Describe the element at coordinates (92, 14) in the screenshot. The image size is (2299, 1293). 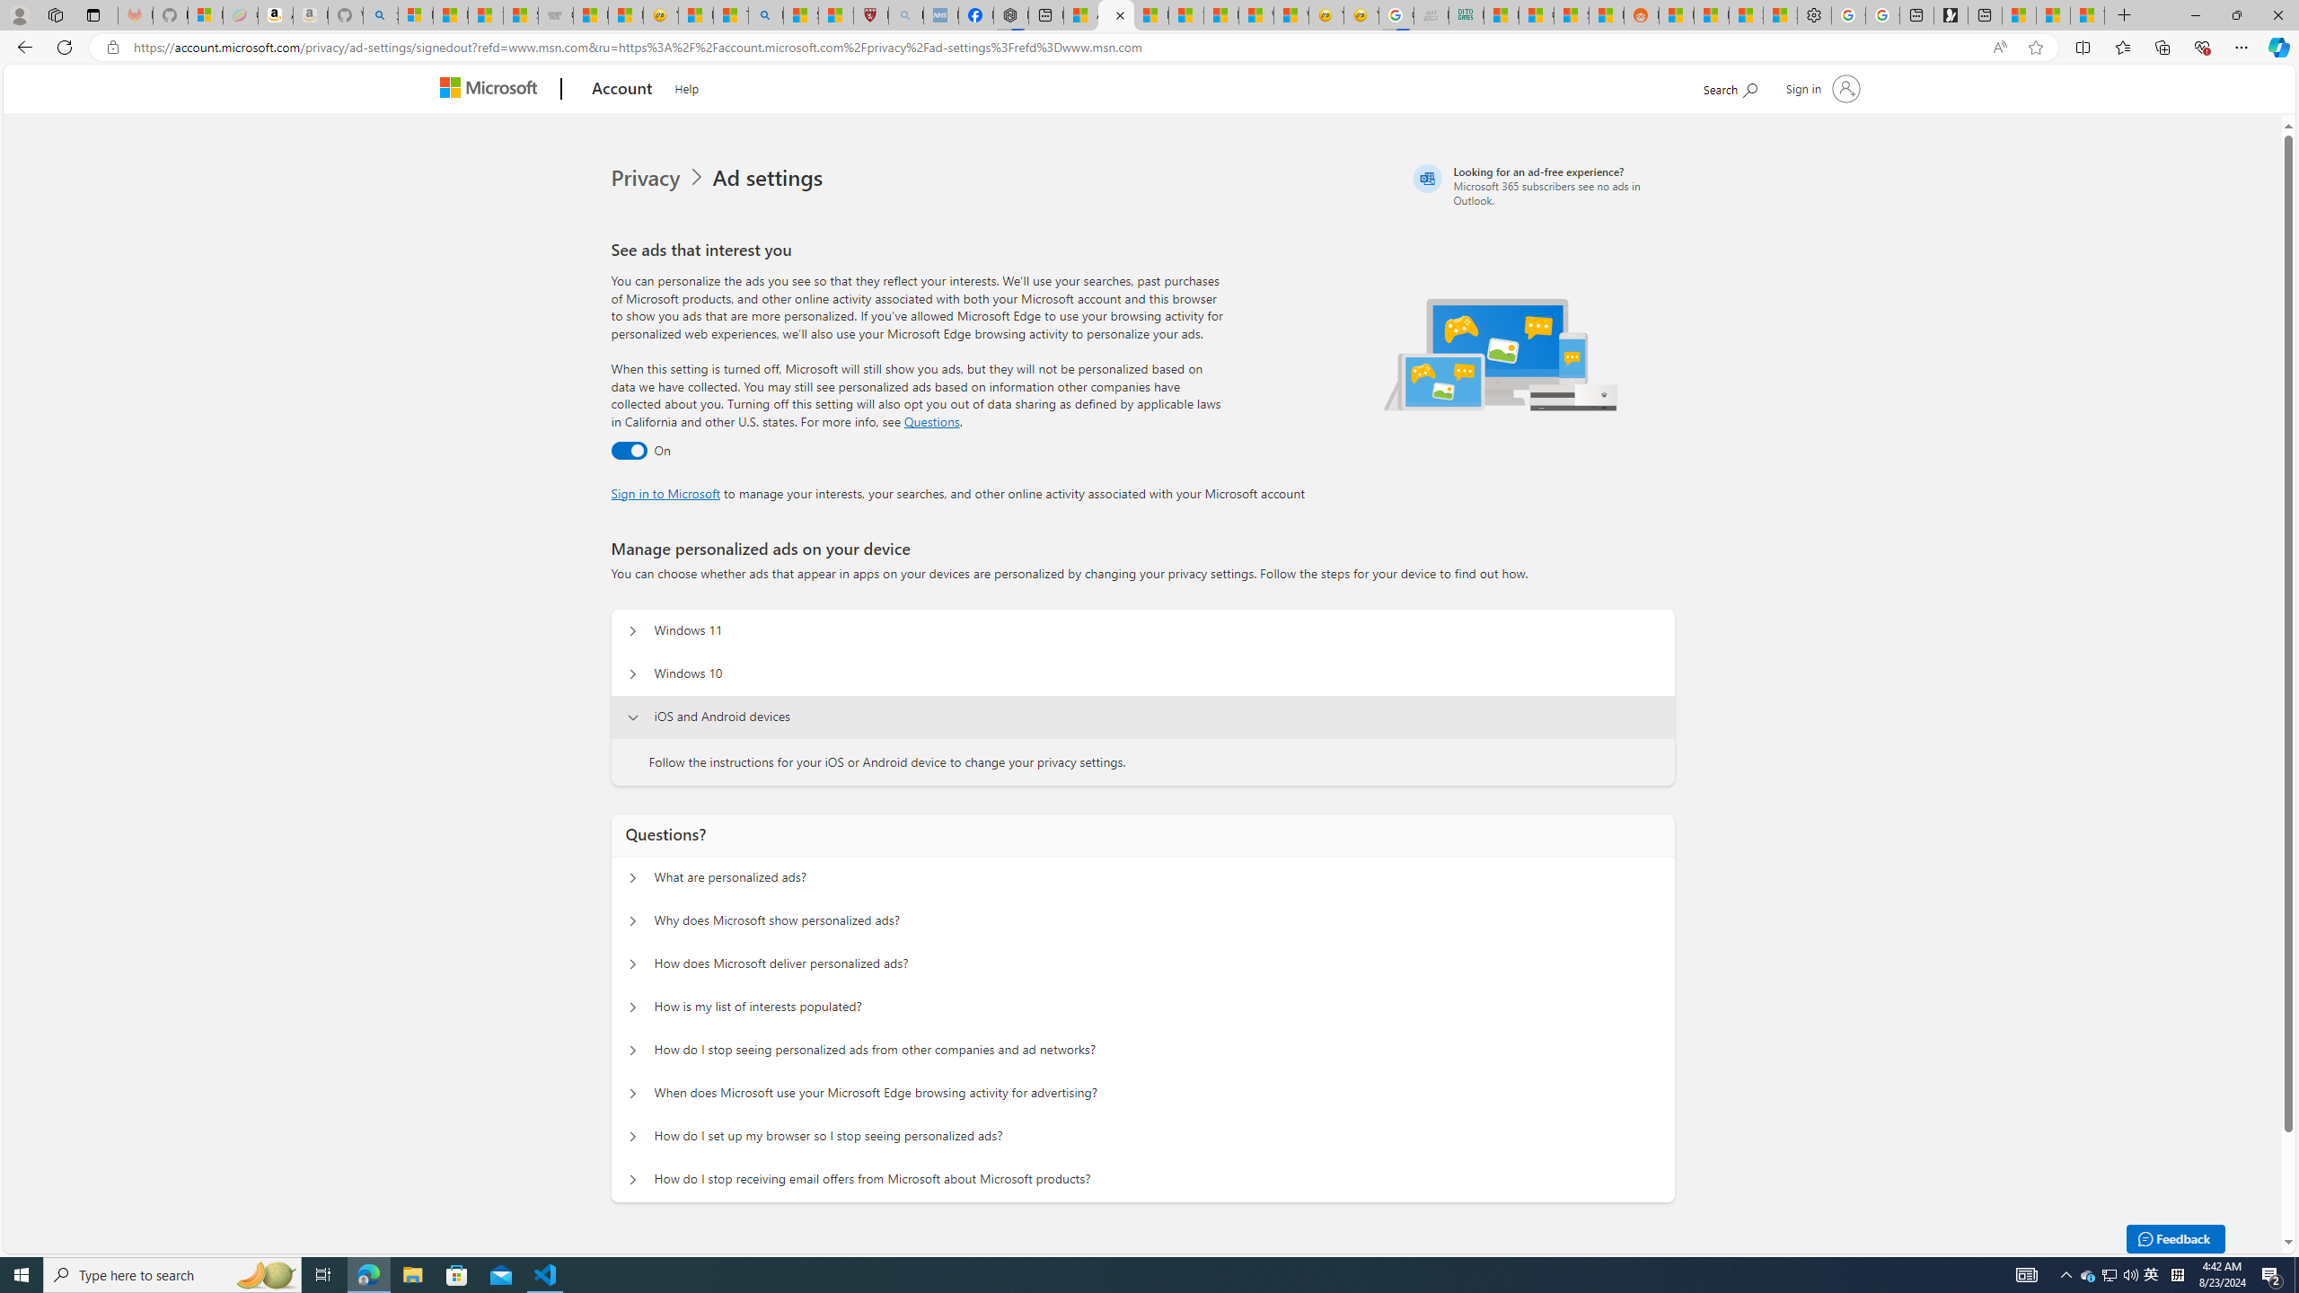
I see `'Tab actions menu'` at that location.